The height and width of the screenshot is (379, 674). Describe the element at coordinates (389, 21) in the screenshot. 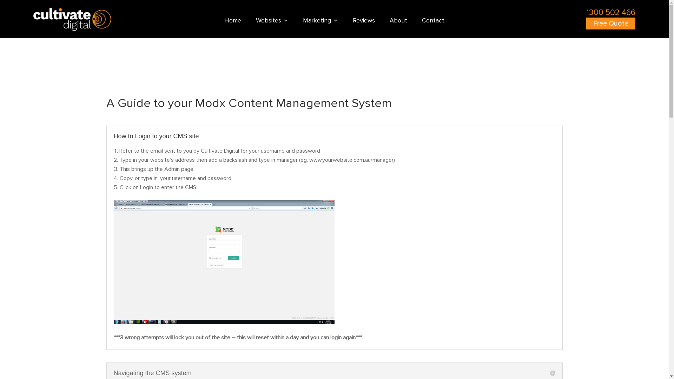

I see `'About'` at that location.